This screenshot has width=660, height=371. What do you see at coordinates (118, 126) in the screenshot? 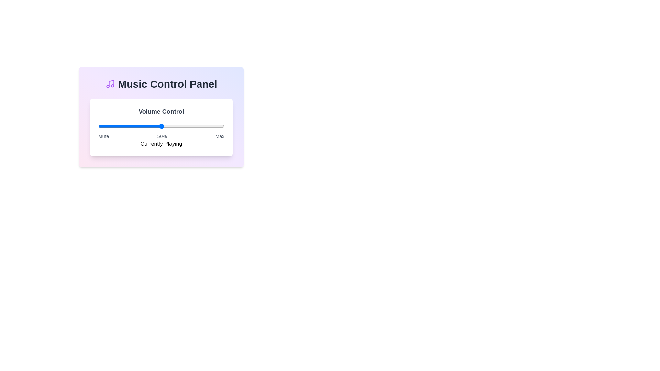
I see `the volume slider to 16% level` at bounding box center [118, 126].